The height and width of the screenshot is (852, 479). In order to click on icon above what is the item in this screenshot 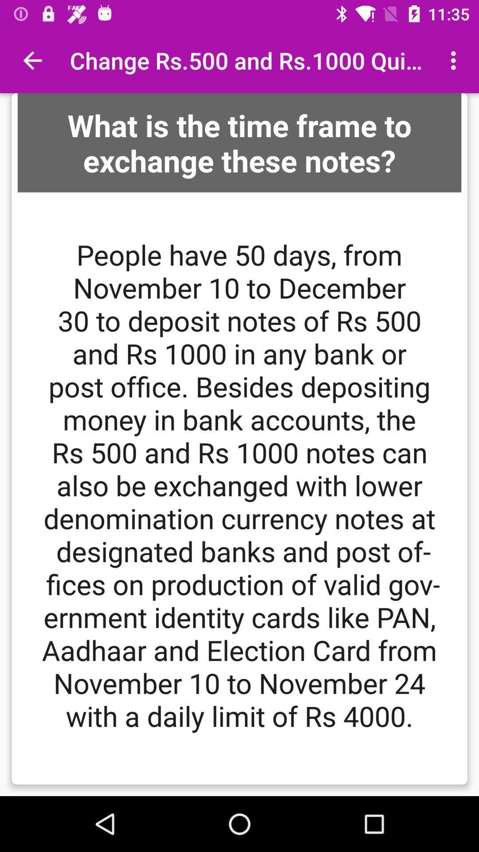, I will do `click(32, 60)`.